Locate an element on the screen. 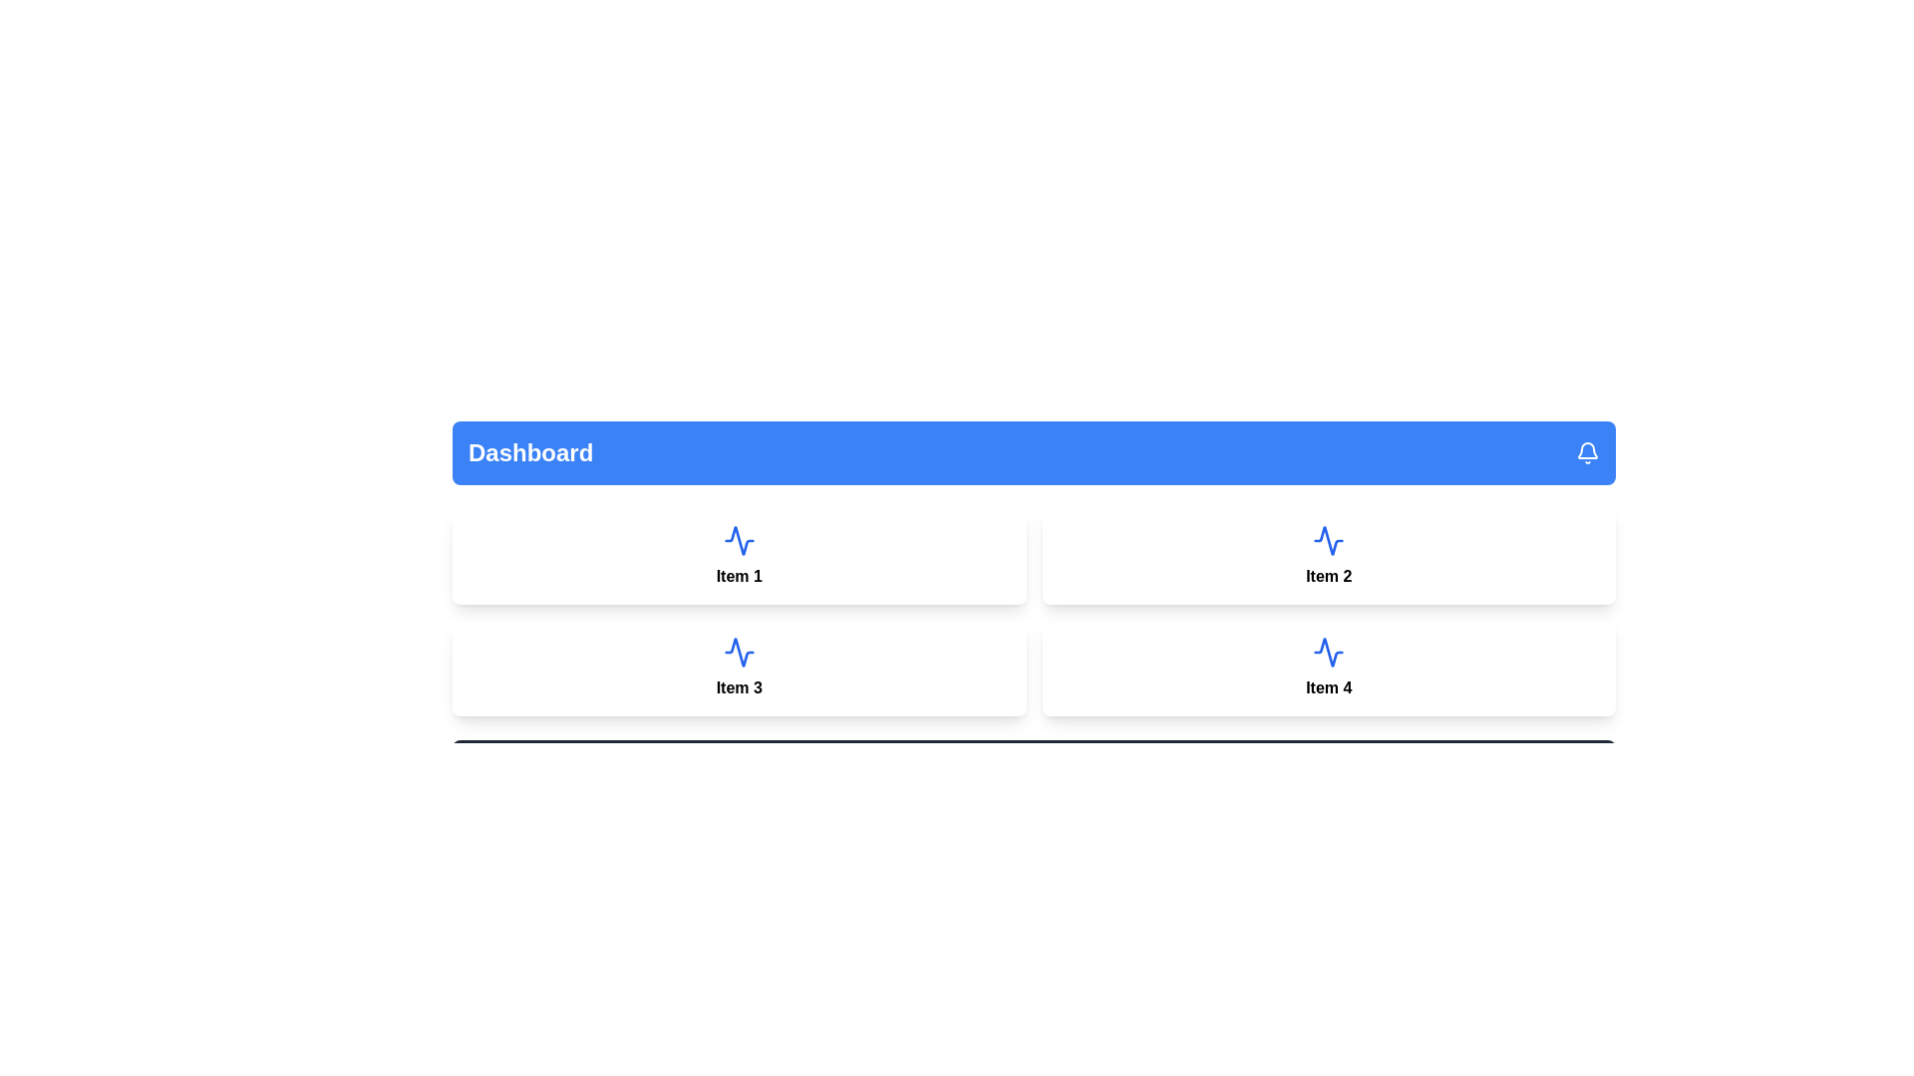  the blue zigzag line icon representing a performance metric located in the bottom-right panel under the label 'Item 4' in the dashboard grid layout is located at coordinates (1329, 653).